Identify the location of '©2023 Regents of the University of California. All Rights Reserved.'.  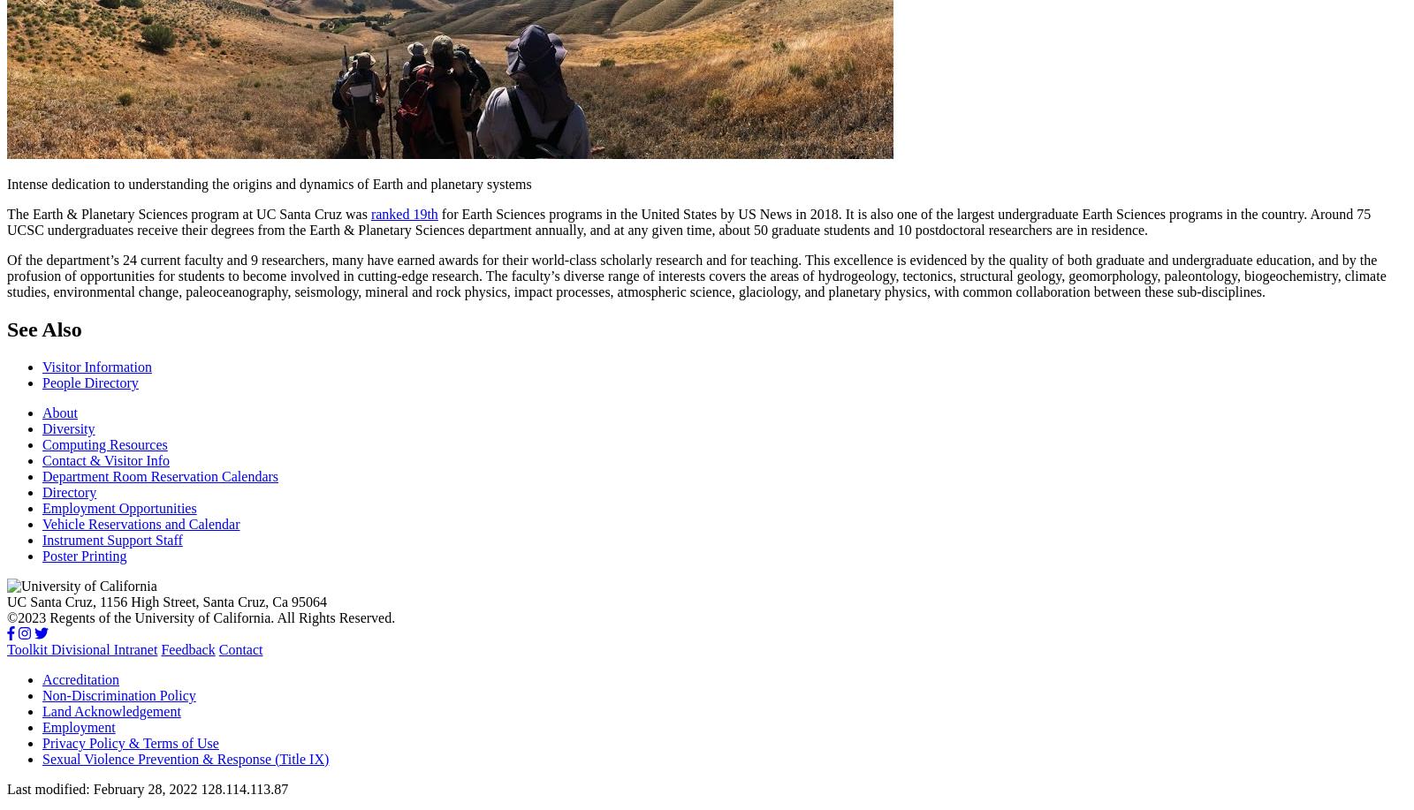
(6, 617).